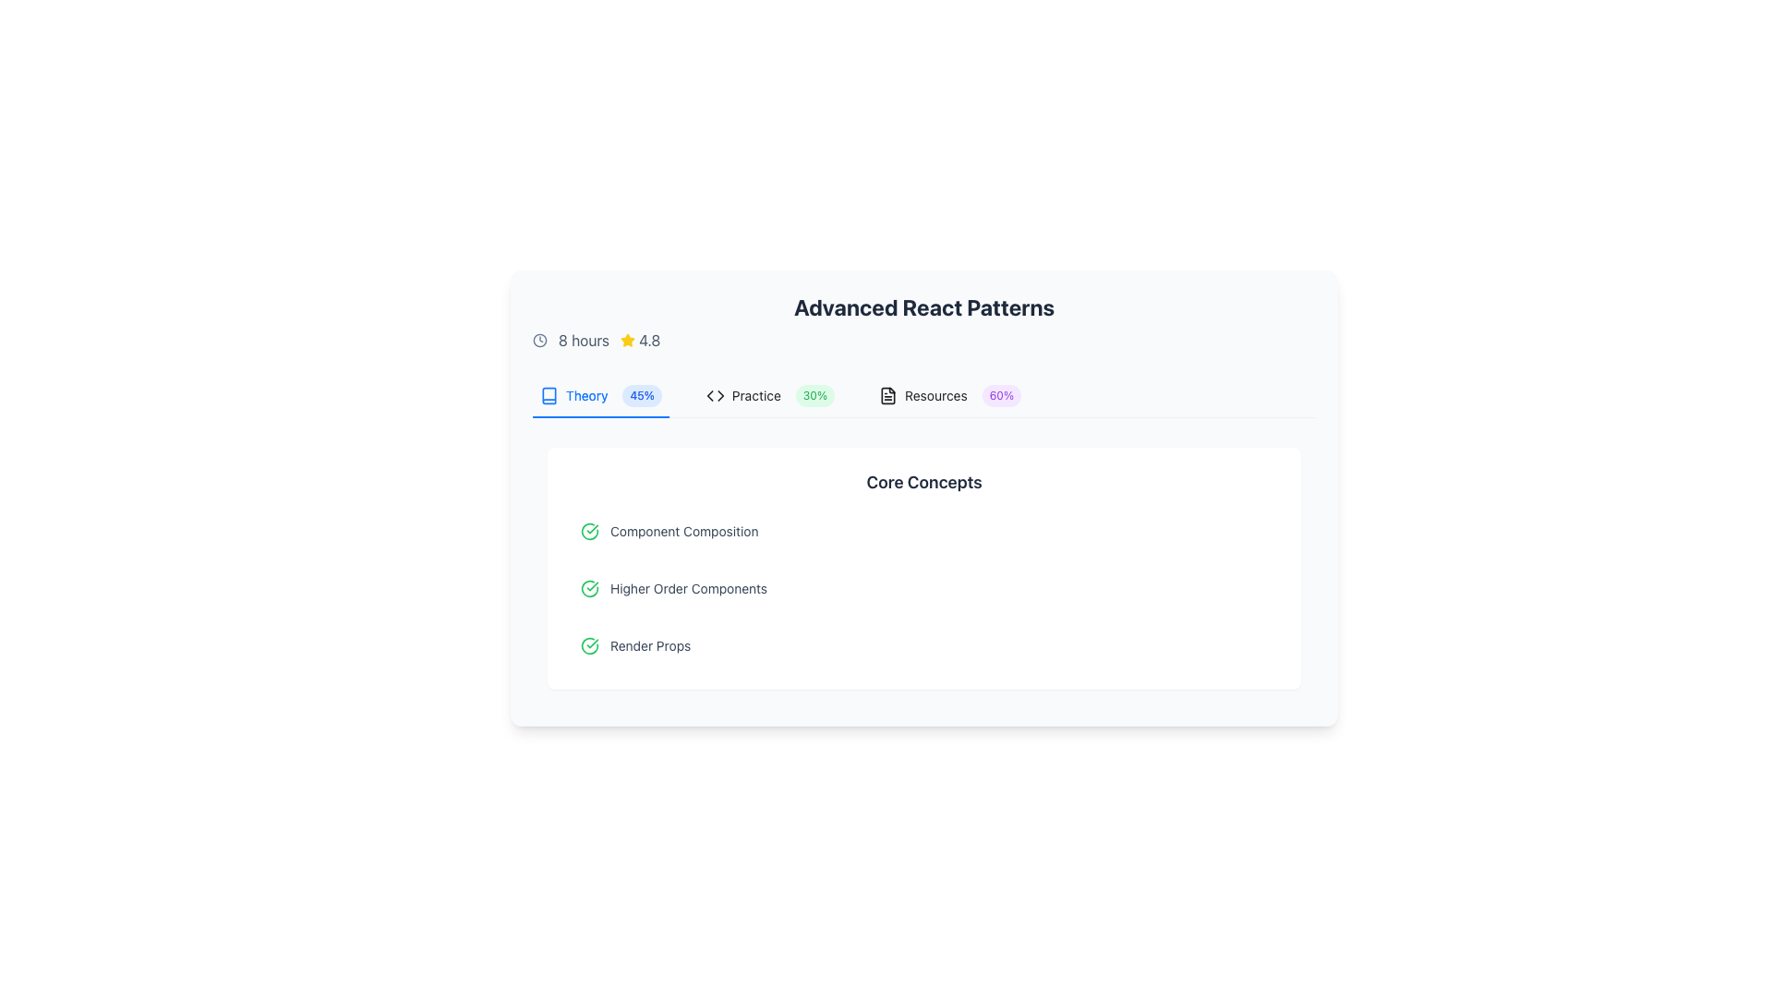 This screenshot has width=1773, height=997. What do you see at coordinates (588, 531) in the screenshot?
I see `the green circular icon with a checkmark inside, which indicates a positive status or completion, located at the top of the 'Core Concepts' section, associated with 'Component Composition'` at bounding box center [588, 531].